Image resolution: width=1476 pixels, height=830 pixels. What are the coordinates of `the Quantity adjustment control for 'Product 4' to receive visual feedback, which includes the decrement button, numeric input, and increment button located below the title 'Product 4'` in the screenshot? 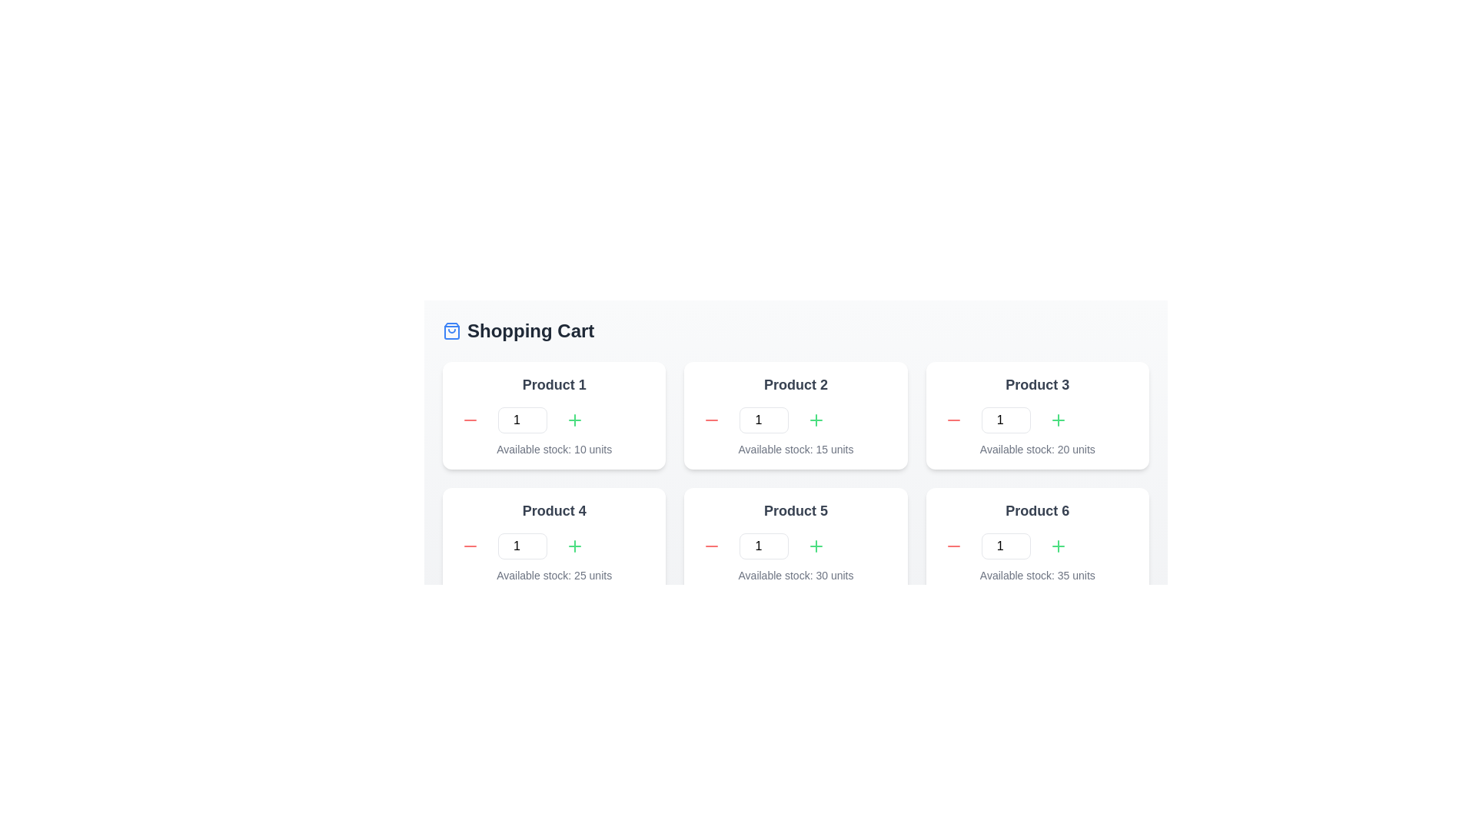 It's located at (553, 545).